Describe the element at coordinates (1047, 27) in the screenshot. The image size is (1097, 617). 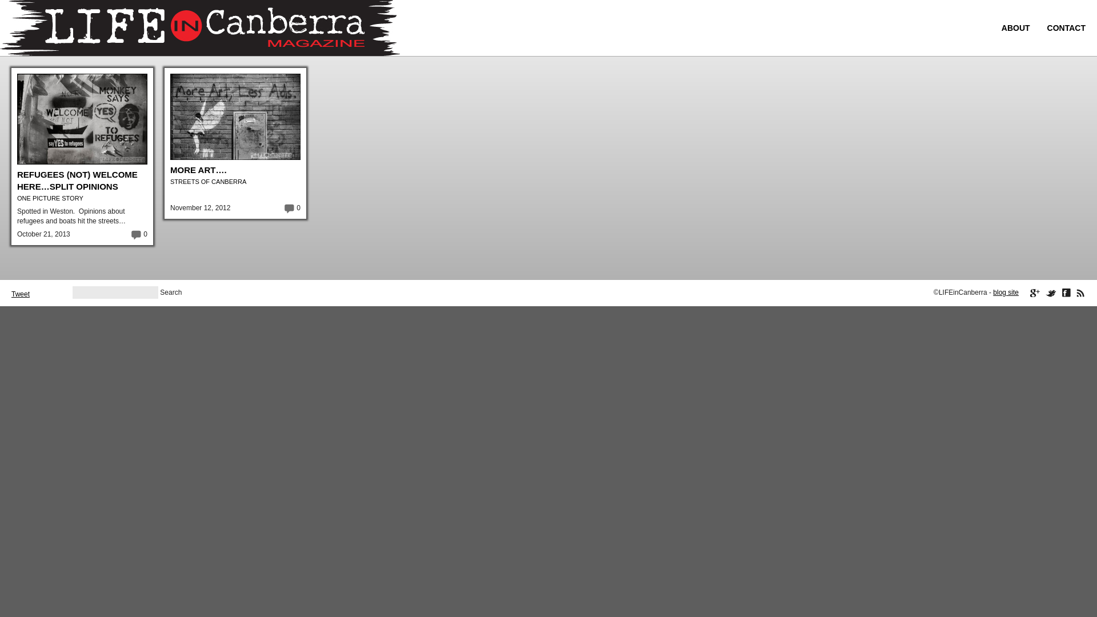
I see `'CONTACT'` at that location.